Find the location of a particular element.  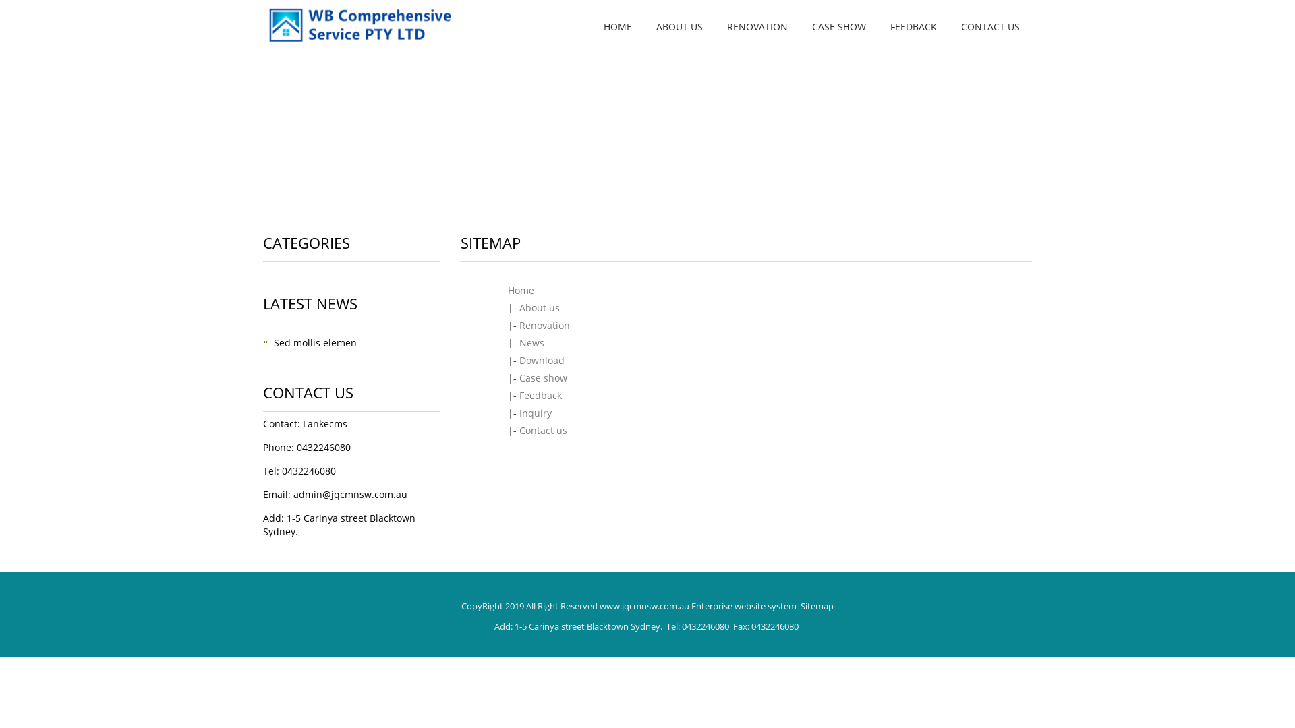

'Sed mollis elemen' is located at coordinates (314, 342).